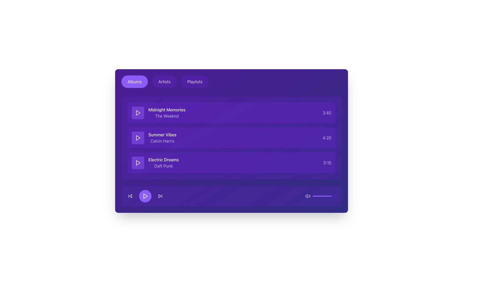  What do you see at coordinates (163, 159) in the screenshot?
I see `the text label for the song 'Electric Dreams', which is the first line of text in the third item of a vertical list of playlist entries` at bounding box center [163, 159].